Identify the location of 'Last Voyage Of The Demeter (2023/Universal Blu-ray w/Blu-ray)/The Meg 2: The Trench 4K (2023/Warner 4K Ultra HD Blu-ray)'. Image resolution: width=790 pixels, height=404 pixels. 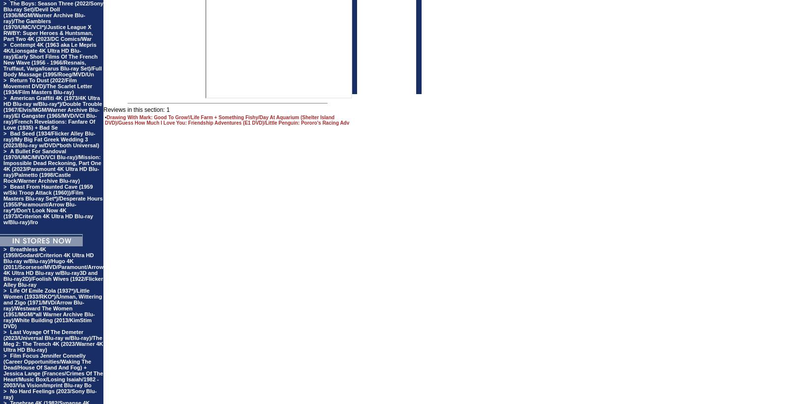
(53, 340).